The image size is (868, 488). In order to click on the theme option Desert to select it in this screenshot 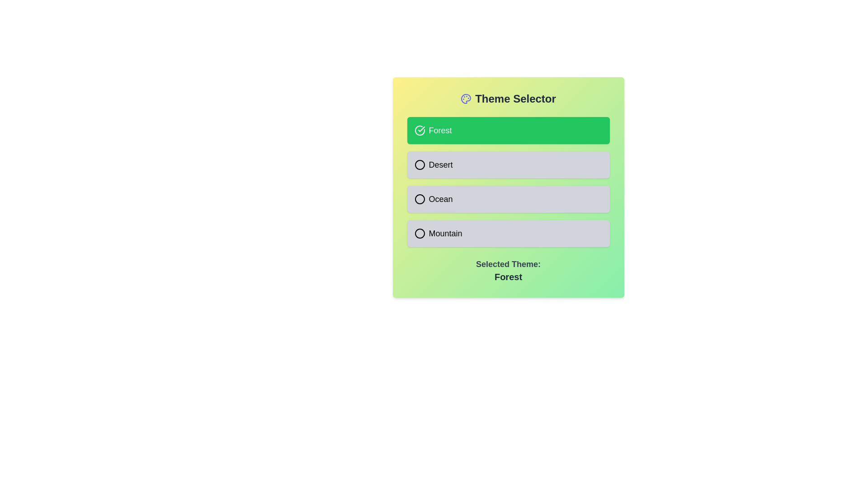, I will do `click(508, 165)`.